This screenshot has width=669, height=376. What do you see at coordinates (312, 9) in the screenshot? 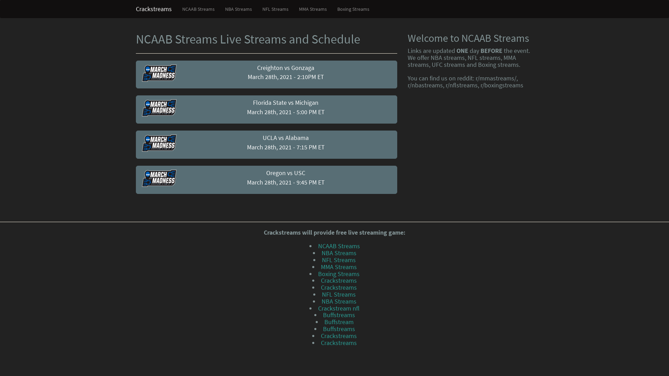
I see `'MMA Streams'` at bounding box center [312, 9].